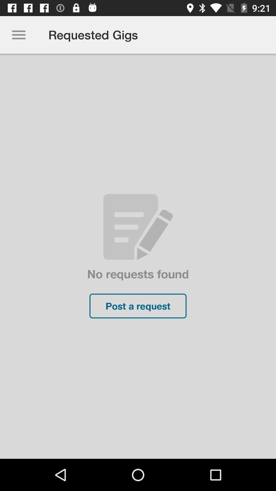  I want to click on the icon to the left of the requested gigs item, so click(18, 35).